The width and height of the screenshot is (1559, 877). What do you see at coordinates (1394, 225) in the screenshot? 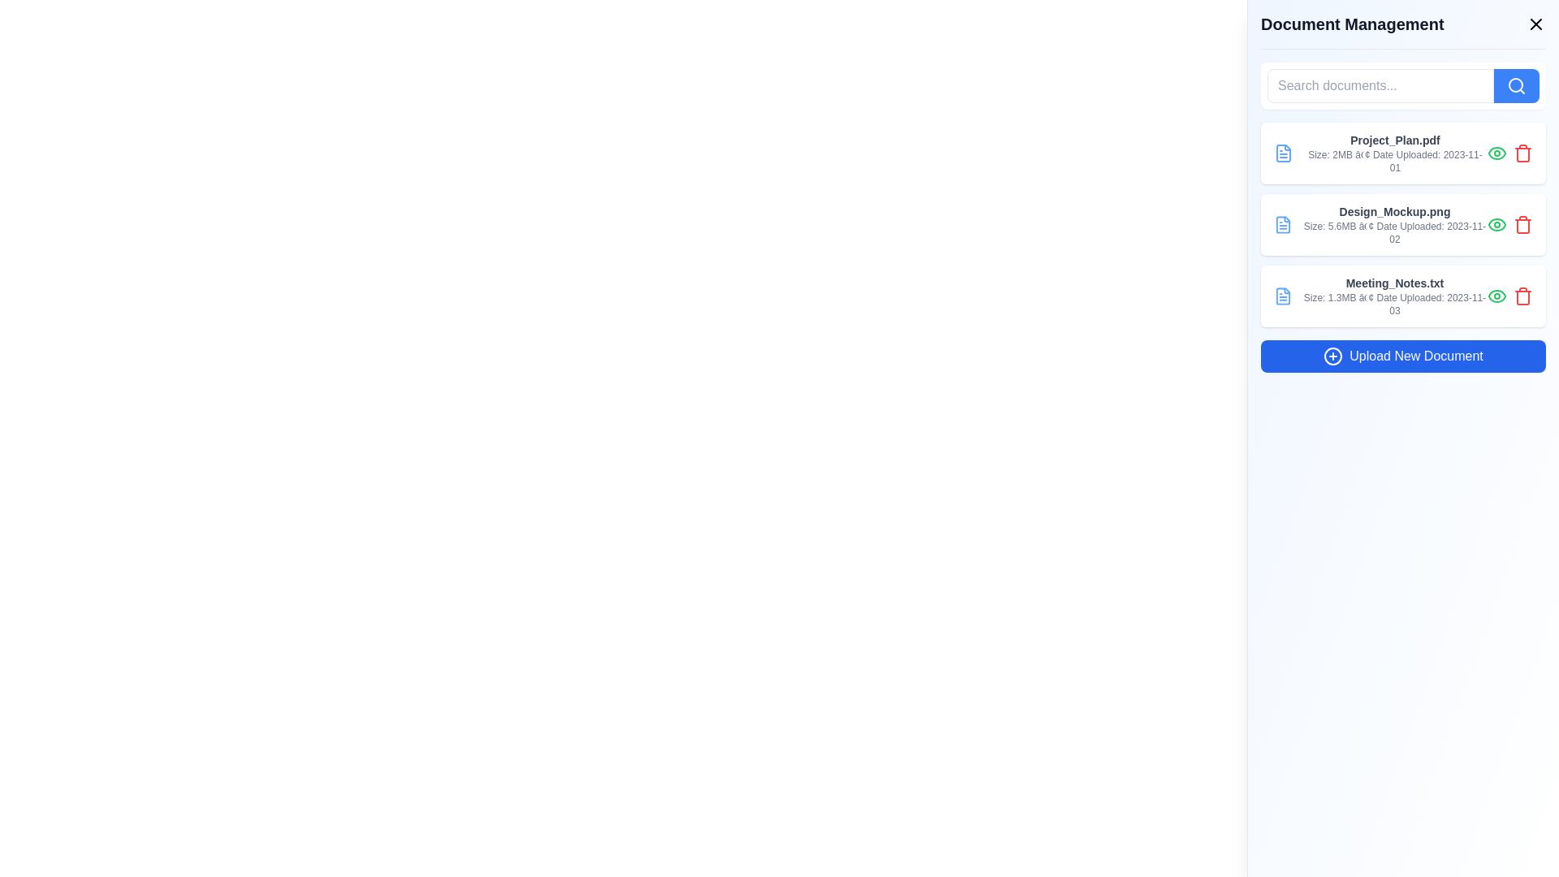
I see `the text label displaying the file metadata for 'Design_Mockup.png', which is the second item in the 'Document Management' panel` at bounding box center [1394, 225].